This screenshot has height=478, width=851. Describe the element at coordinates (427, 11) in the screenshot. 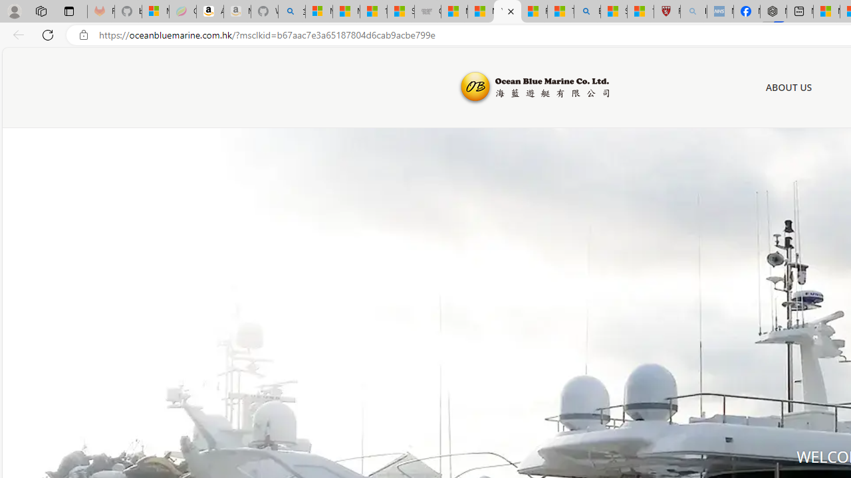

I see `'Combat Siege'` at that location.